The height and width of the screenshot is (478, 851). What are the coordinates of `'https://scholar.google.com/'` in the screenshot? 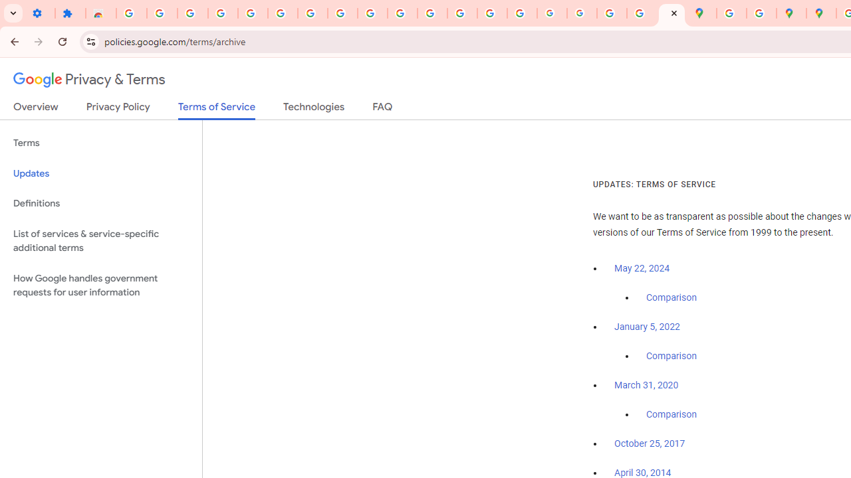 It's located at (432, 13).